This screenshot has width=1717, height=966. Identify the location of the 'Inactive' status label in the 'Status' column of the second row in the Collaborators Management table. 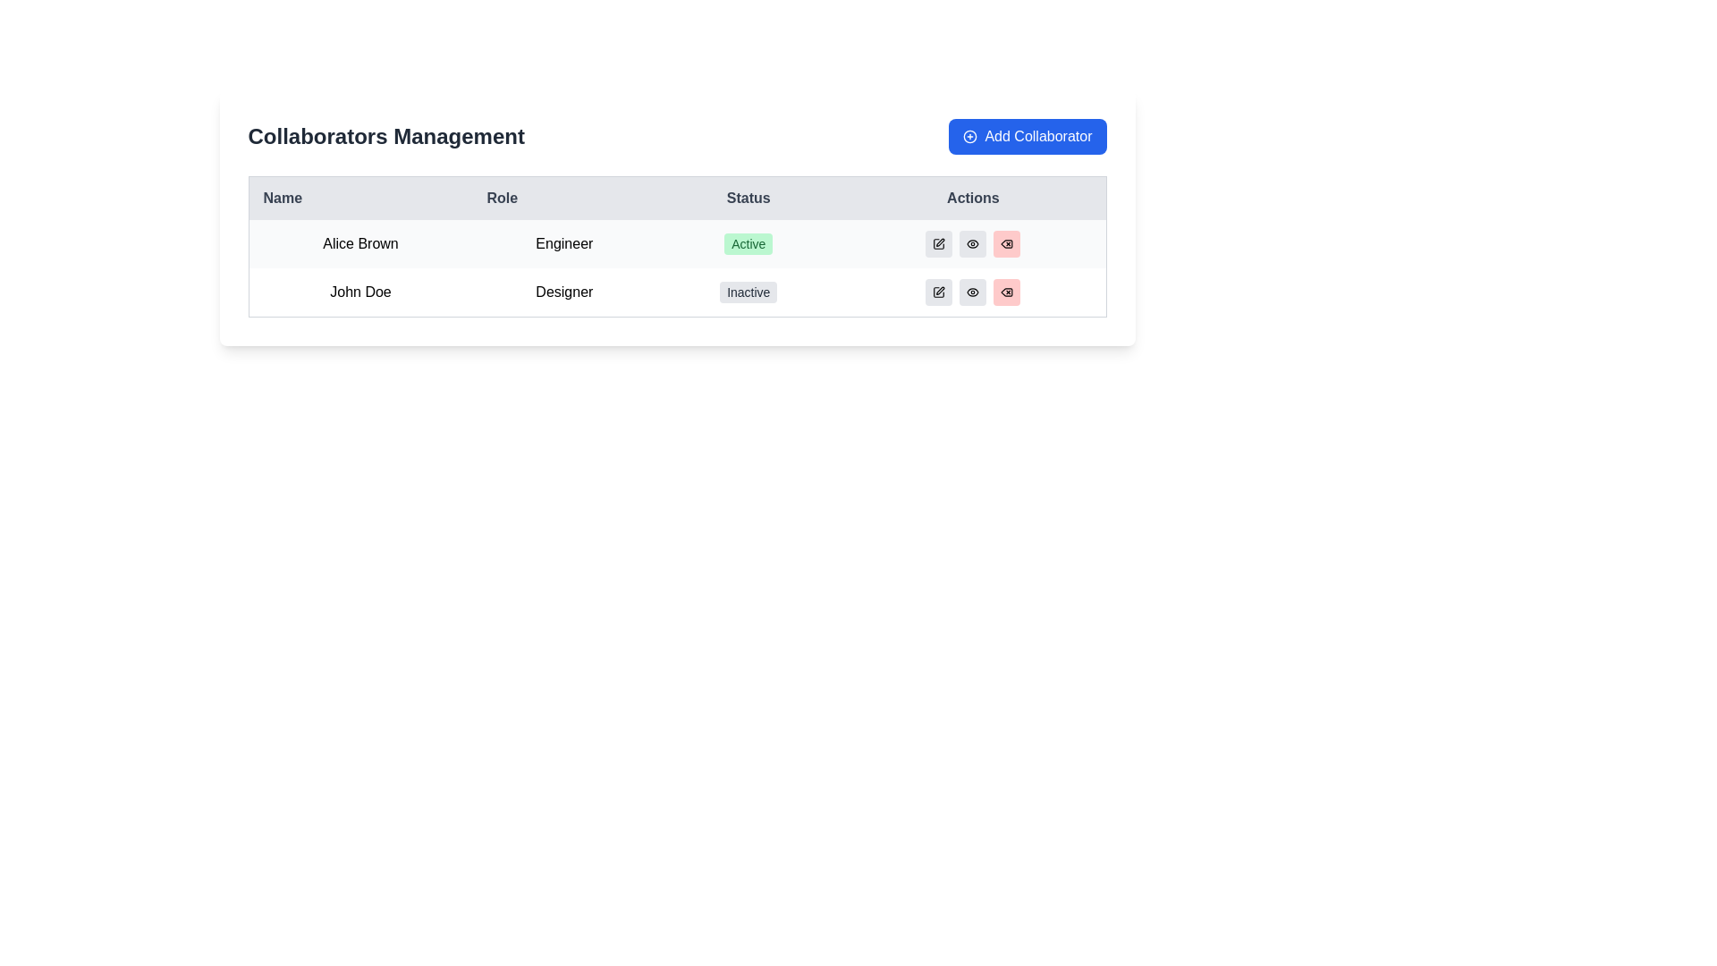
(749, 292).